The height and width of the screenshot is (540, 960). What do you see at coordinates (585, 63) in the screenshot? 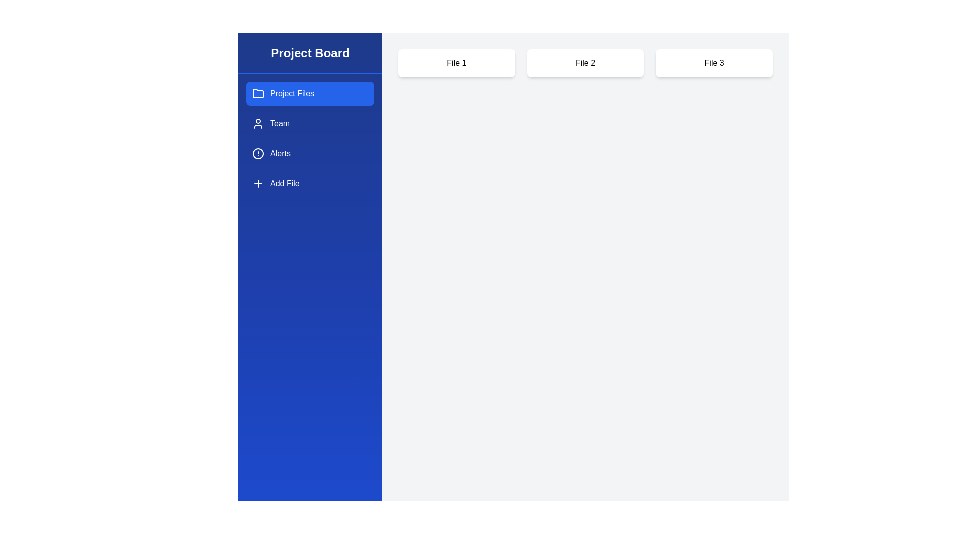
I see `the non-interactive card labeled 'File 2', which is the second card in a row of three cards` at bounding box center [585, 63].